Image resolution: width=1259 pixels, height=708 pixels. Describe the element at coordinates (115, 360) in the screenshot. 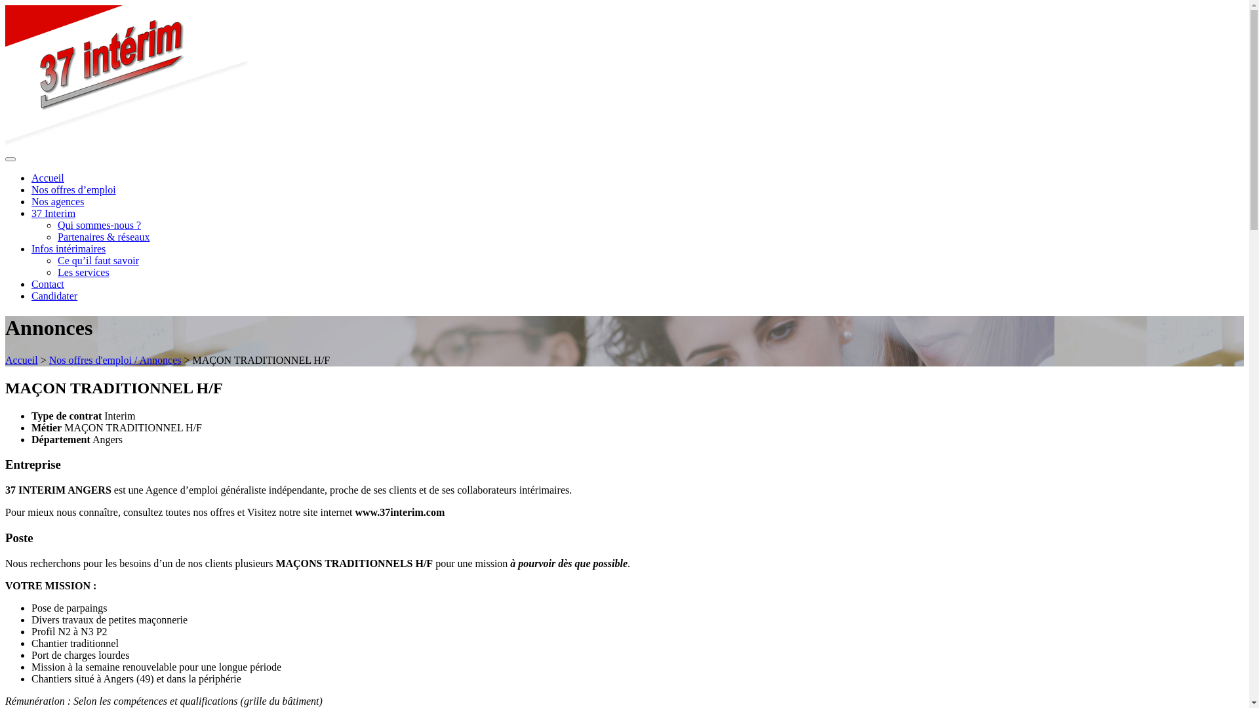

I see `'Nos offres d'emploi / Annonces'` at that location.